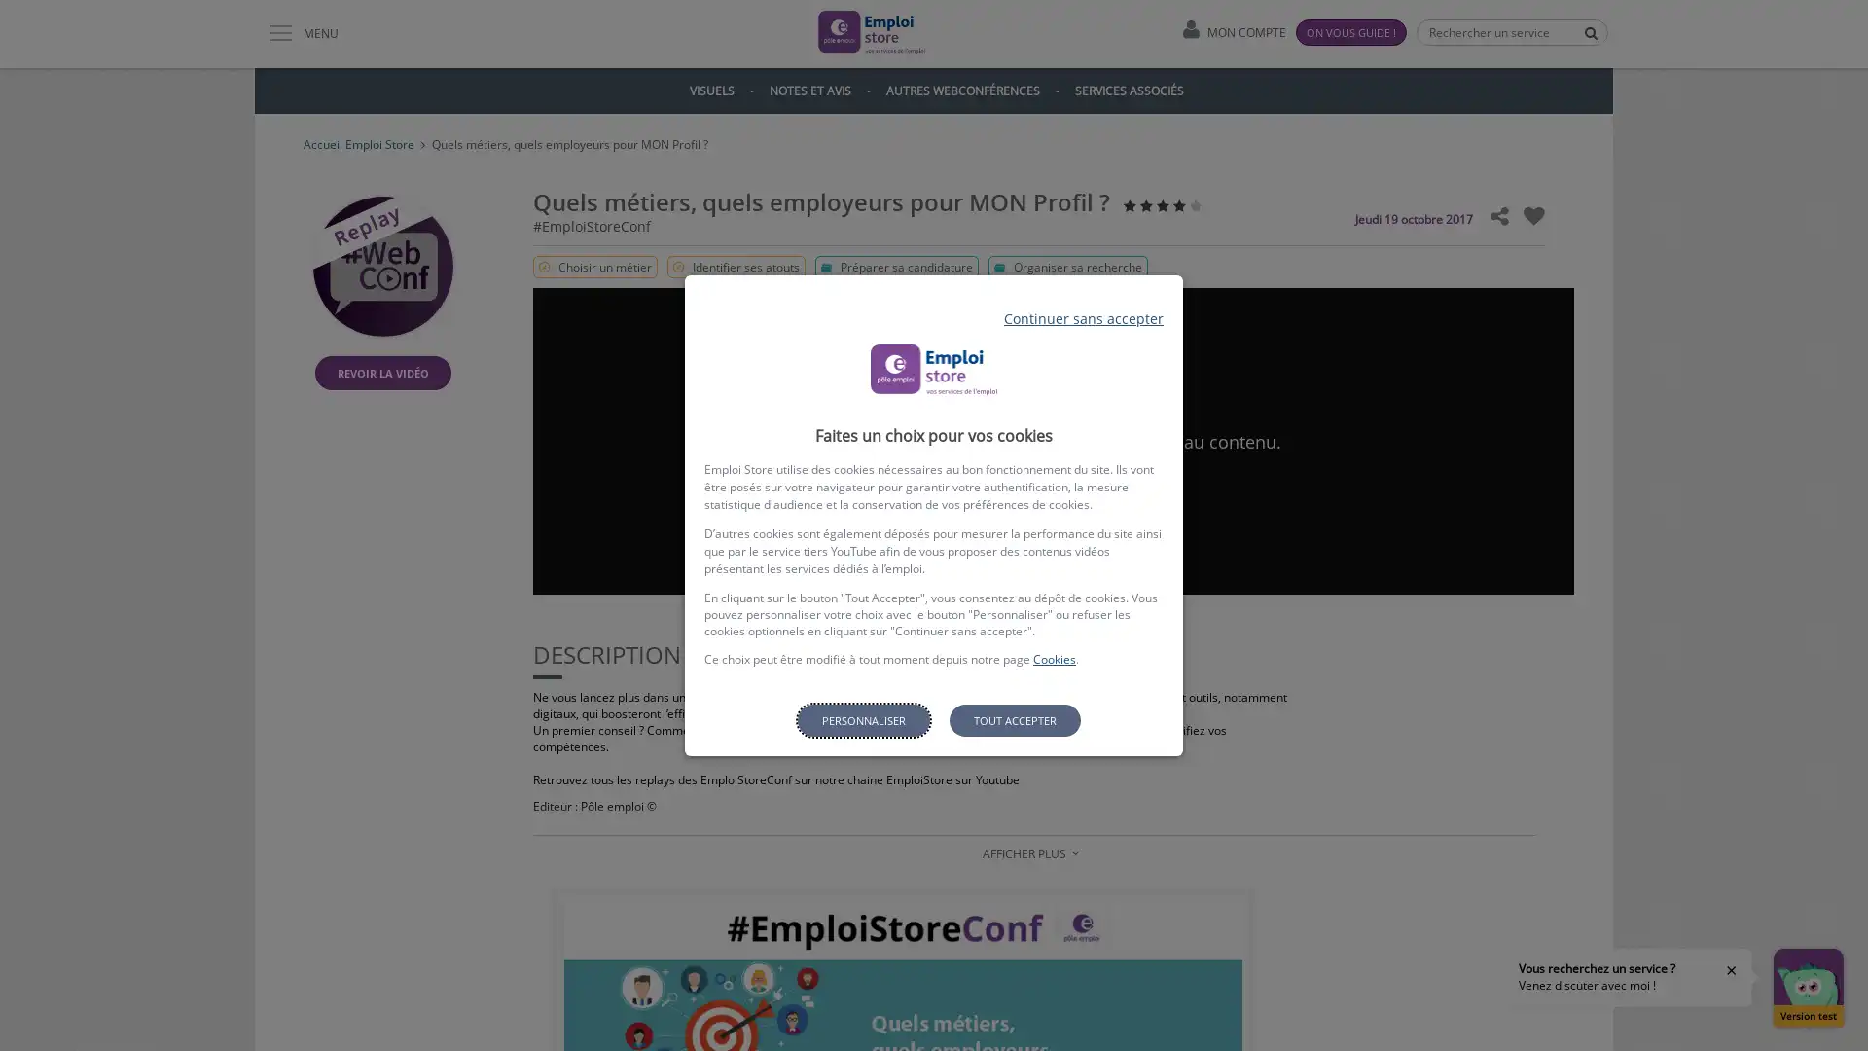 The image size is (1868, 1051). What do you see at coordinates (1807, 987) in the screenshot?
I see `Ouvrir la fenetre de discussion Version test` at bounding box center [1807, 987].